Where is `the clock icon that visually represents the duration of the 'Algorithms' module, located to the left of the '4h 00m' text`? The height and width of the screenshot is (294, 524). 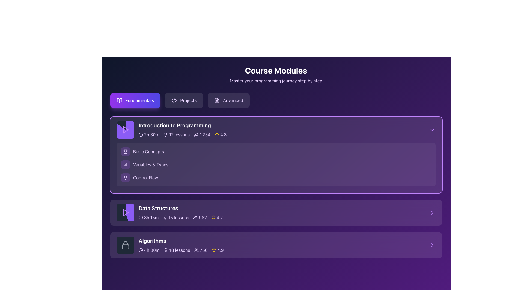
the clock icon that visually represents the duration of the 'Algorithms' module, located to the left of the '4h 00m' text is located at coordinates (141, 250).